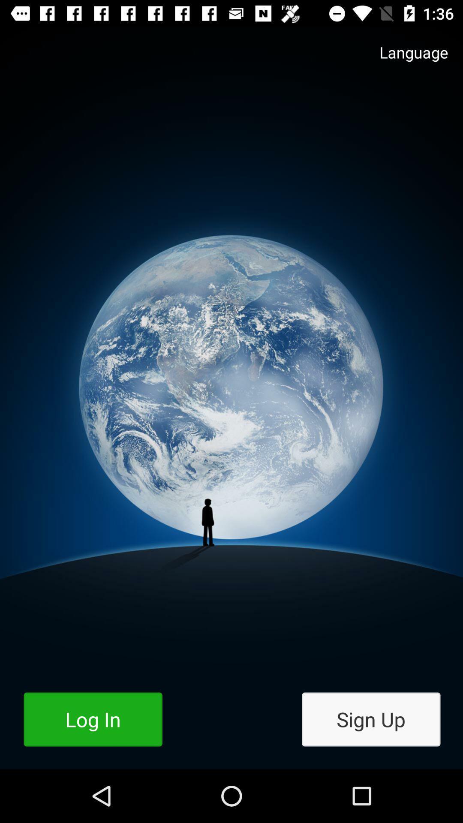  I want to click on item to the right of the log in icon, so click(370, 719).